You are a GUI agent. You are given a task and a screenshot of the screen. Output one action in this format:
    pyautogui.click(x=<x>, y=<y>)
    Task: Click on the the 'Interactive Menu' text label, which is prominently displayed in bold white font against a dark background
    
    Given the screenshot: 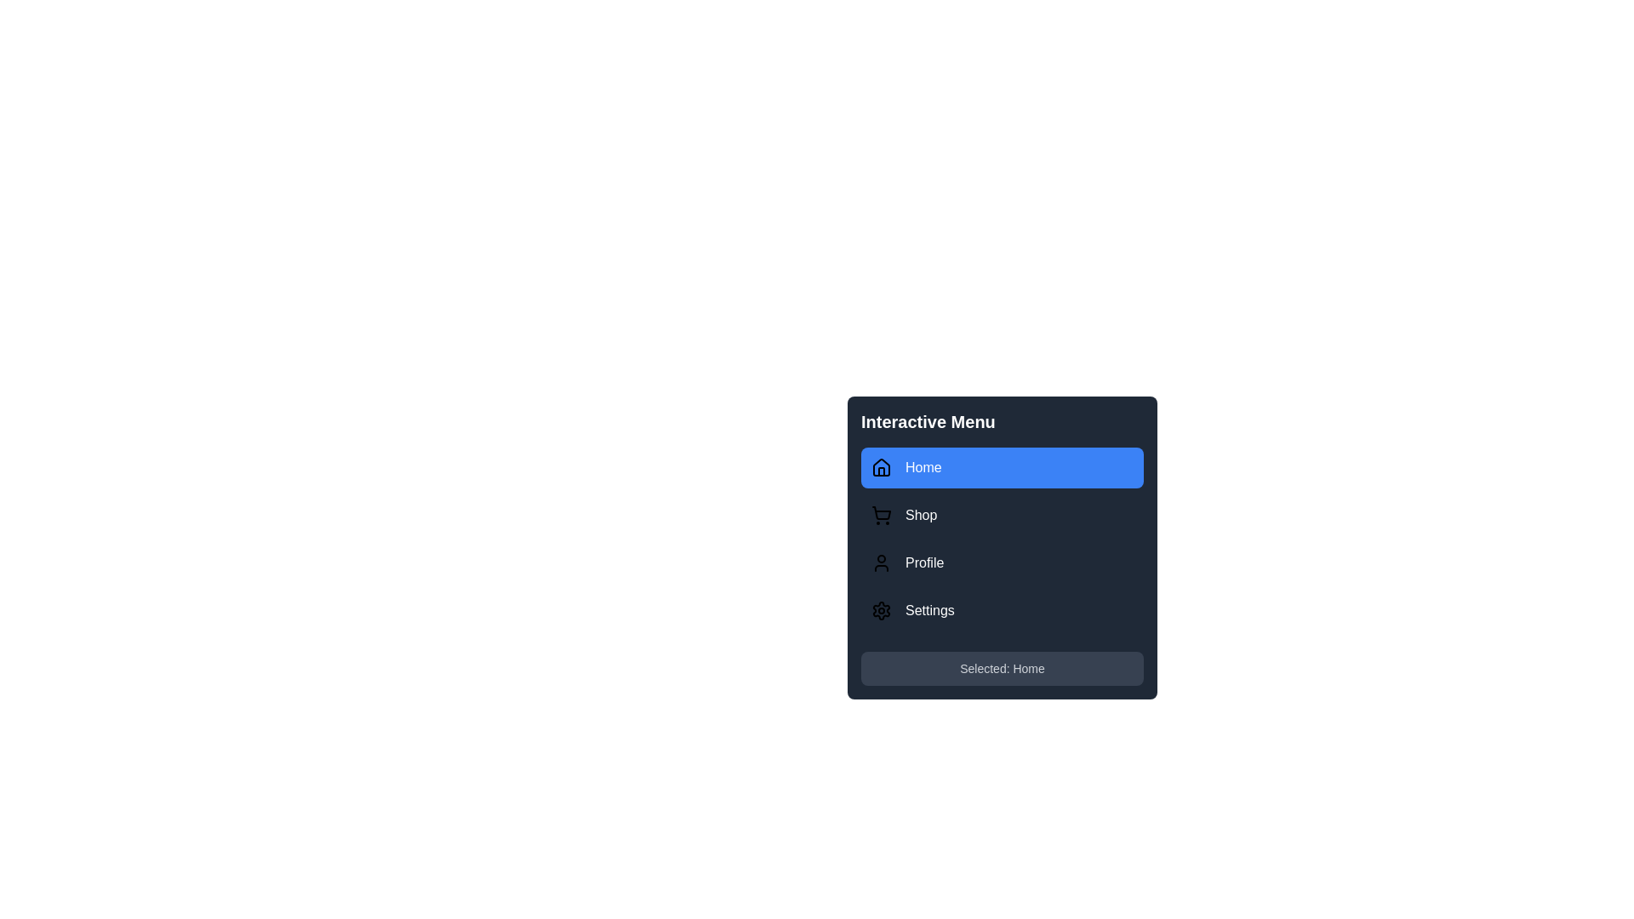 What is the action you would take?
    pyautogui.click(x=927, y=421)
    